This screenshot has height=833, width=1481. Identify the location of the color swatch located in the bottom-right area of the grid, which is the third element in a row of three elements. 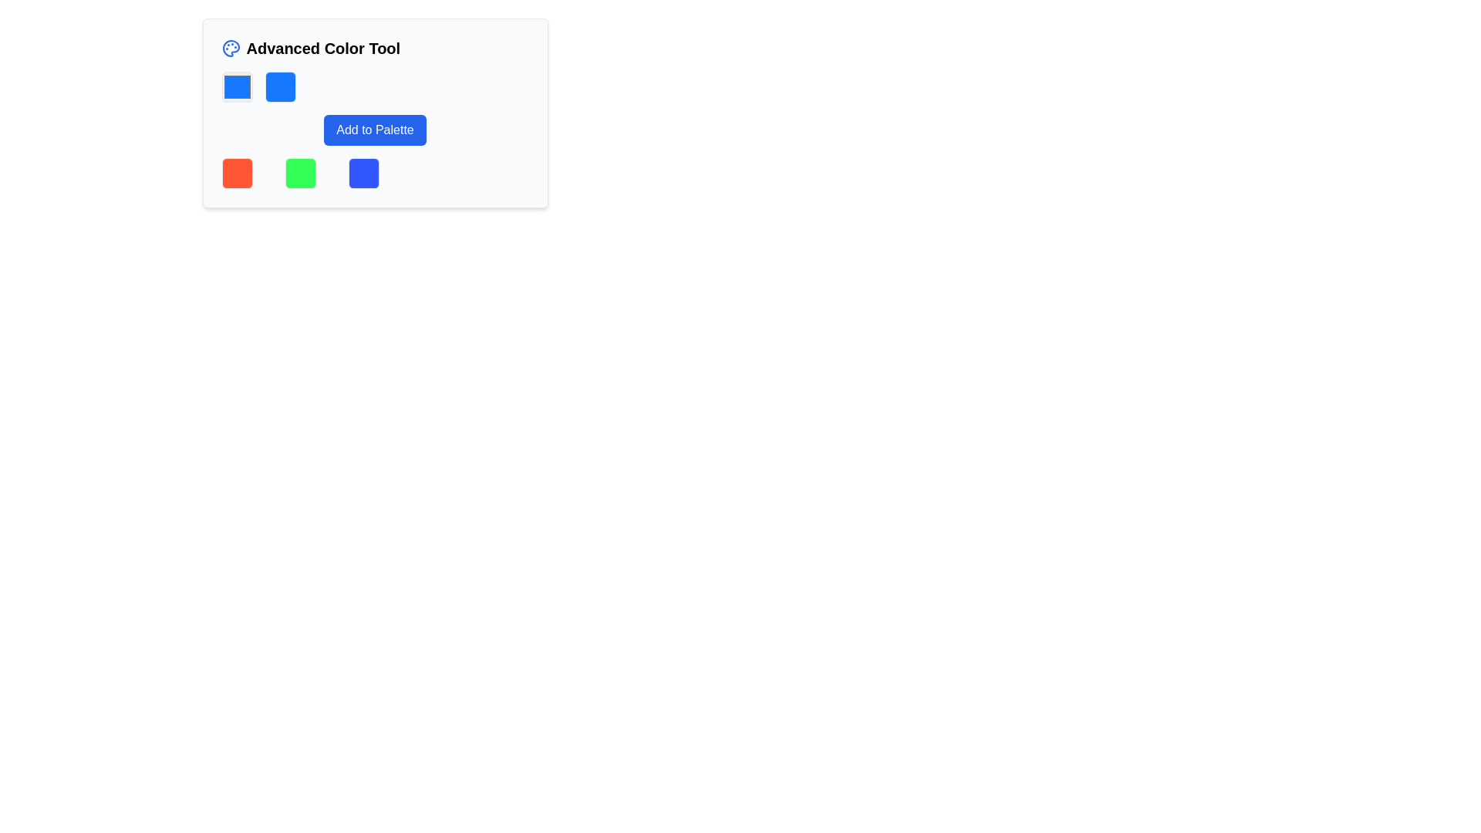
(363, 173).